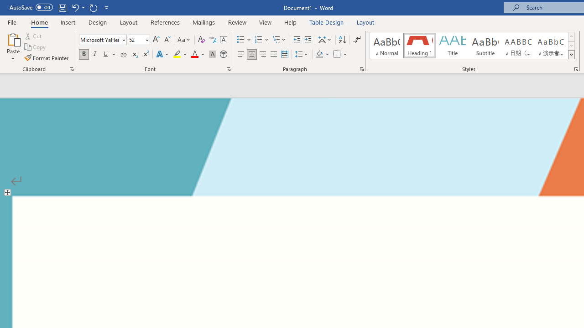 The height and width of the screenshot is (328, 584). Describe the element at coordinates (571, 55) in the screenshot. I see `'Styles'` at that location.